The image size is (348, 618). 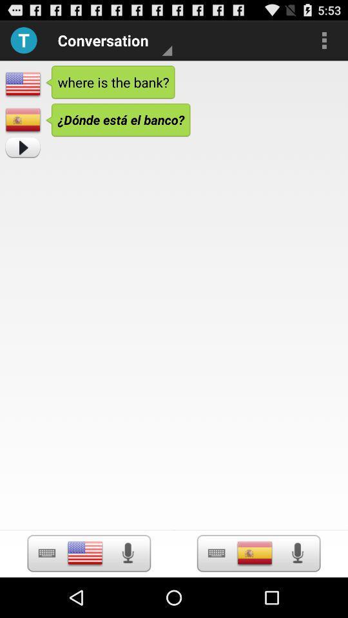 What do you see at coordinates (297, 552) in the screenshot?
I see `turn on microphone` at bounding box center [297, 552].